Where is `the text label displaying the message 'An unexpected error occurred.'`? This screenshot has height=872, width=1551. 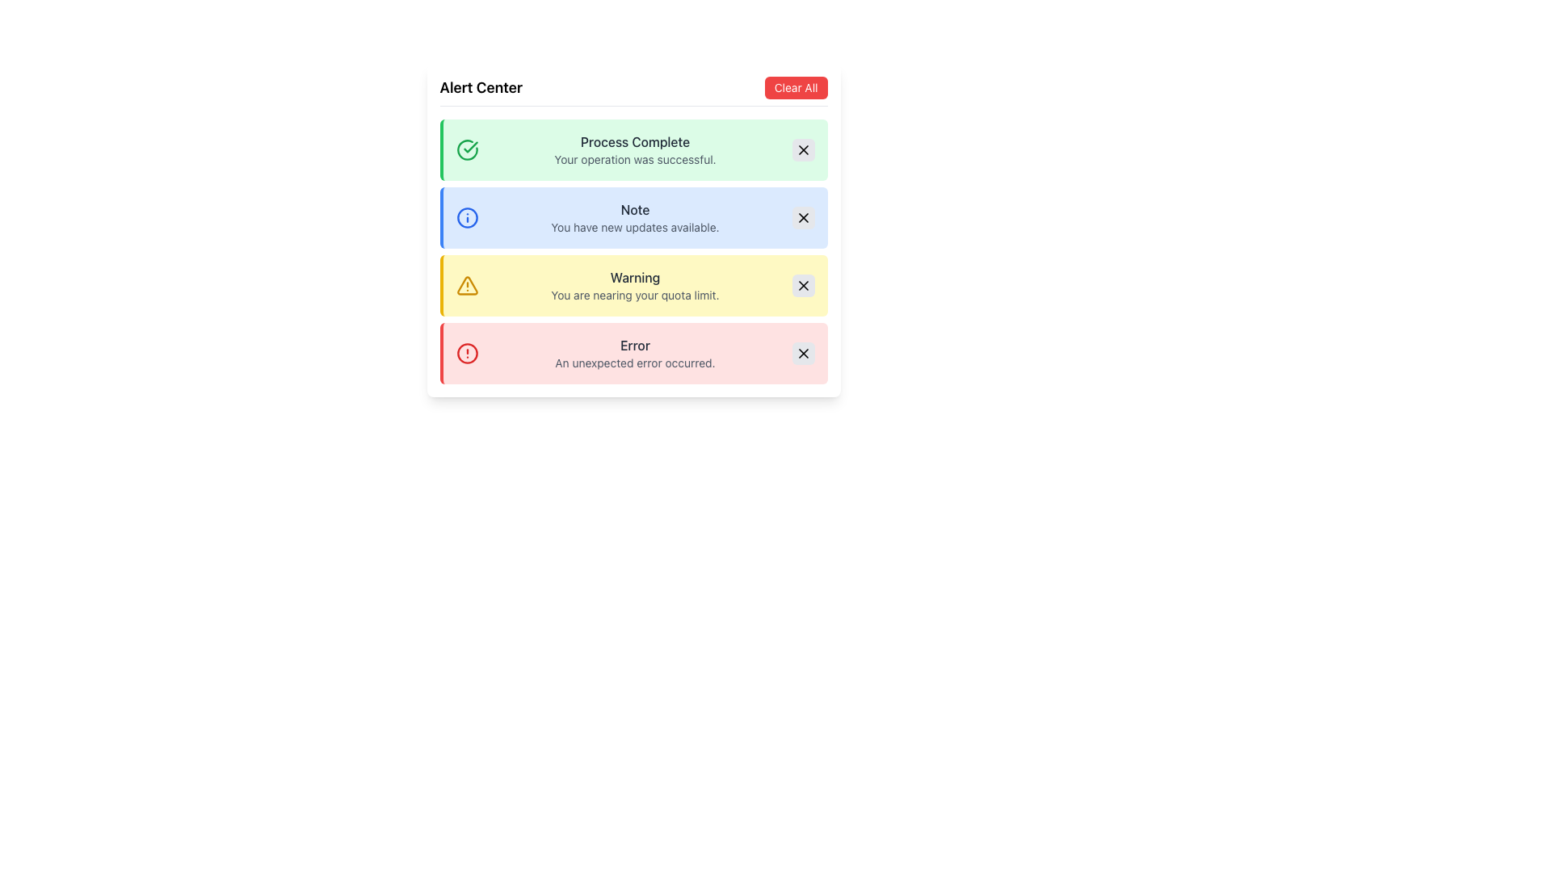
the text label displaying the message 'An unexpected error occurred.' is located at coordinates (634, 363).